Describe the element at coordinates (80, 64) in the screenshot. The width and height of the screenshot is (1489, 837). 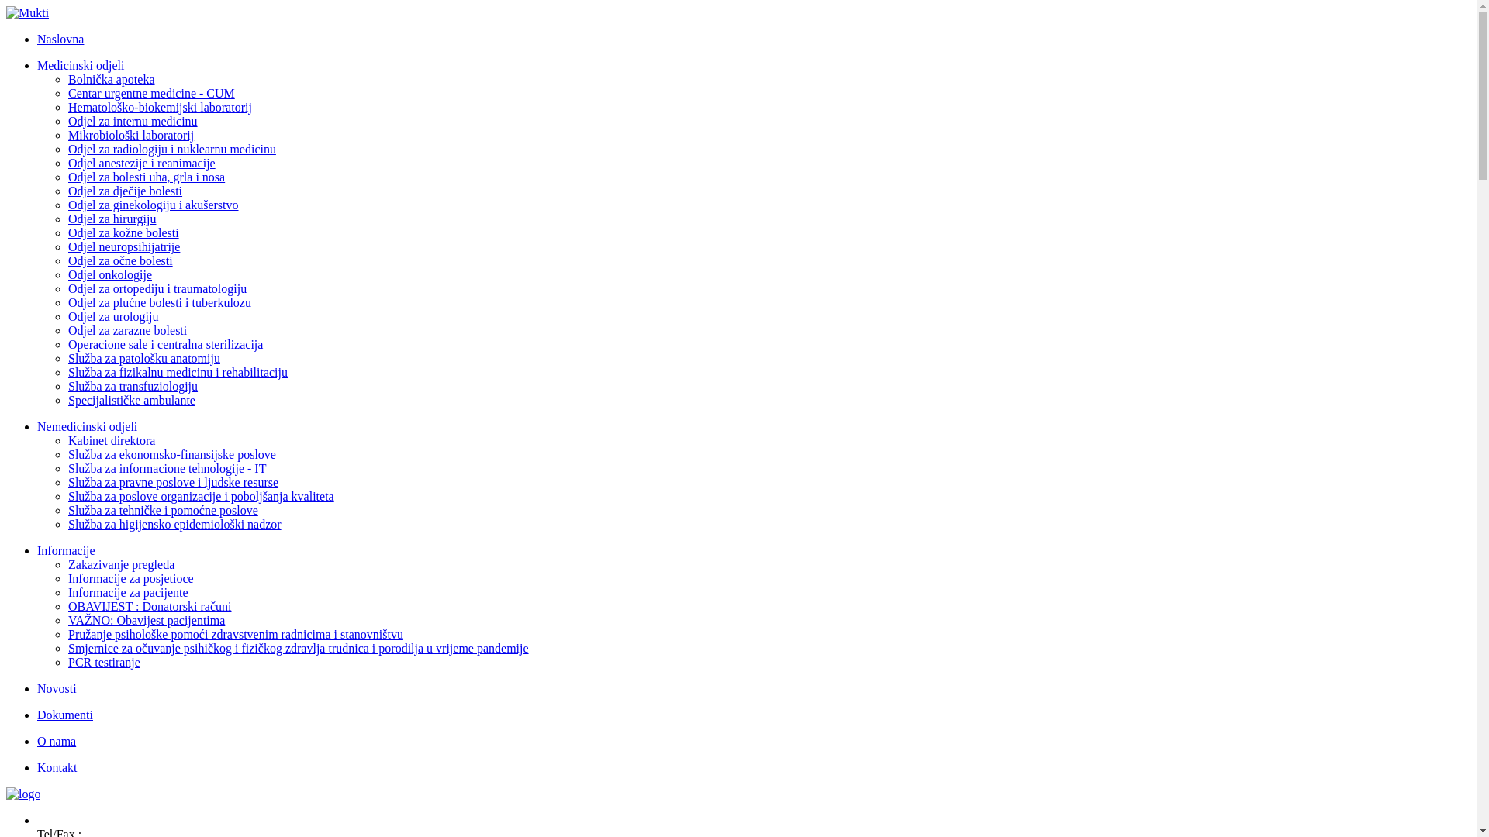
I see `'Medicinski odjeli'` at that location.